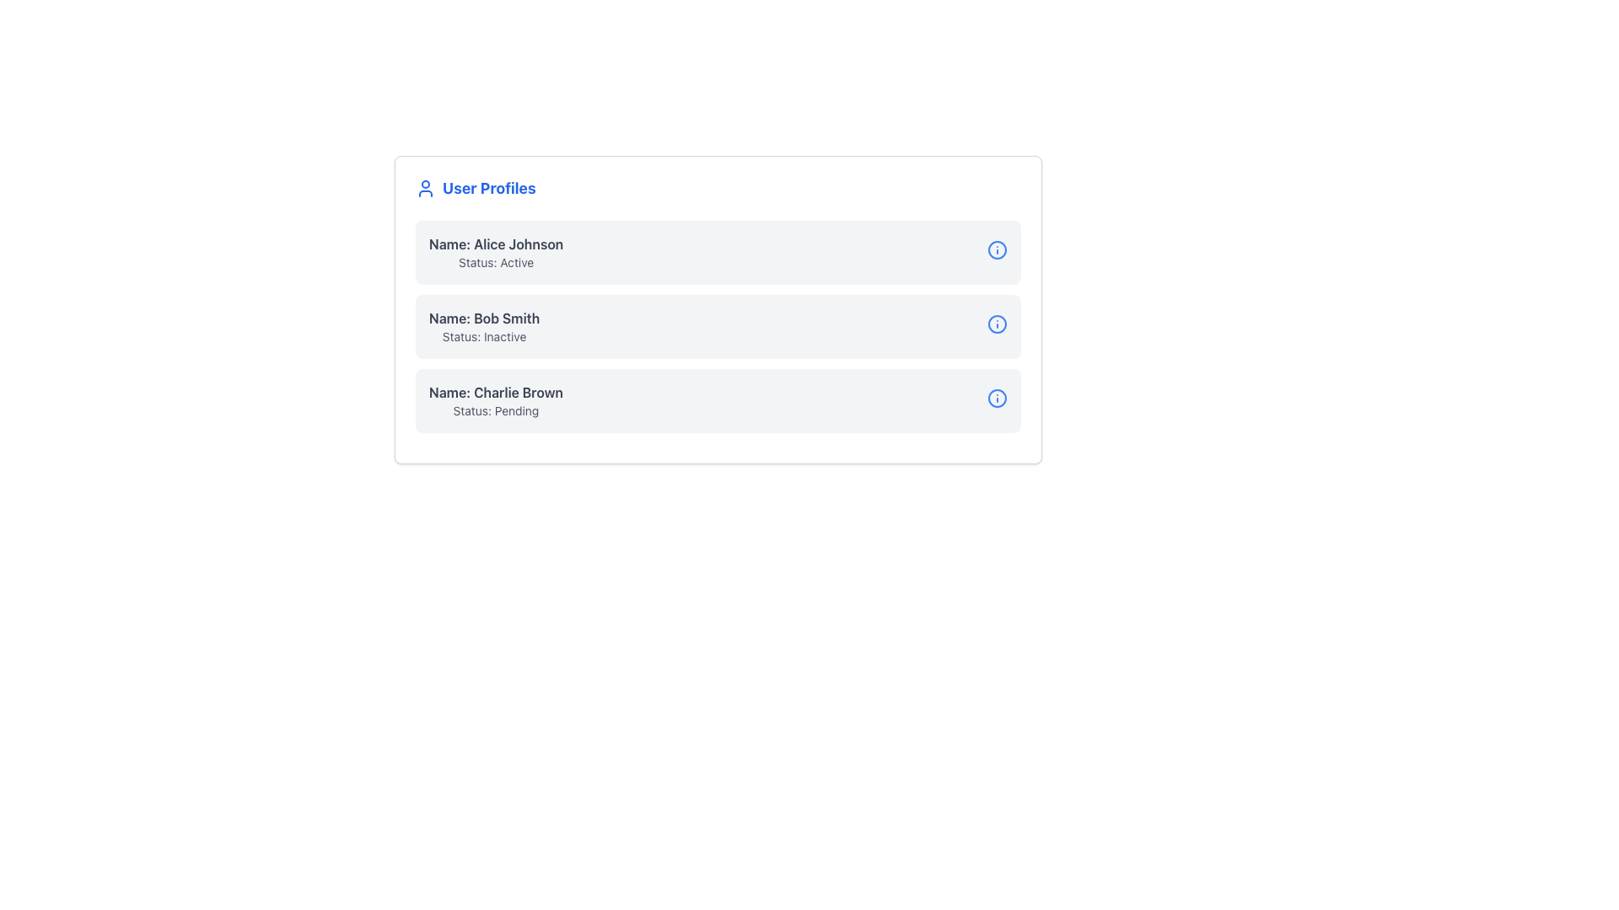 This screenshot has width=1619, height=910. Describe the element at coordinates (997, 400) in the screenshot. I see `the Interactive Status Indicator, which is a circular icon with a blue outline and a dot in the center, indicating 'Verification pending.'` at that location.